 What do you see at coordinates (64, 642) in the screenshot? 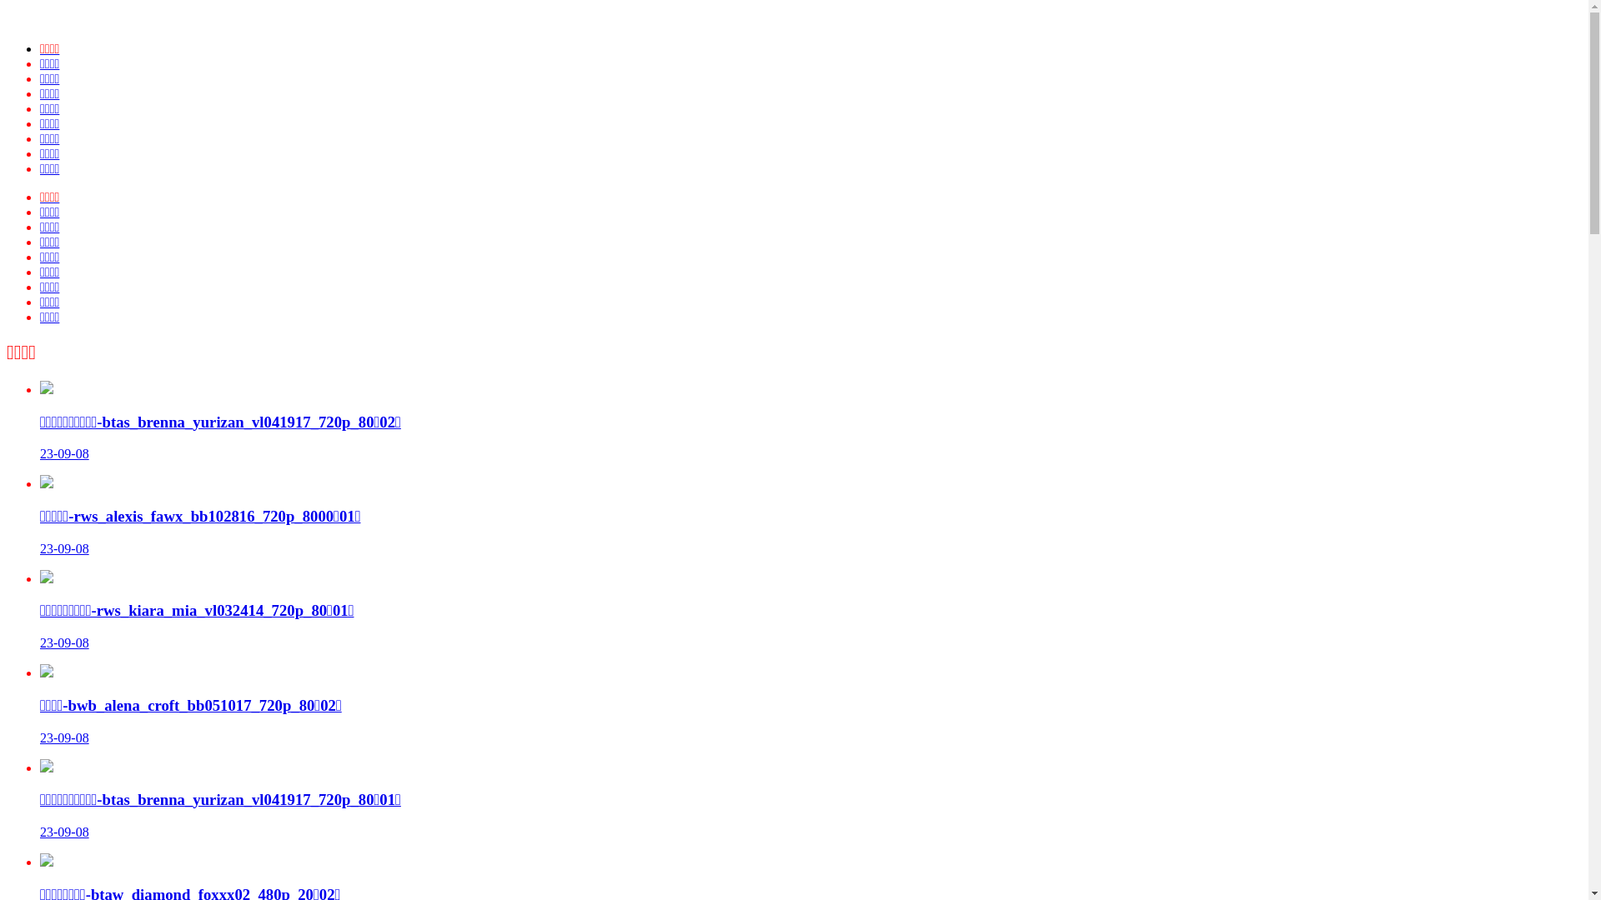
I see `'23-09-08'` at bounding box center [64, 642].